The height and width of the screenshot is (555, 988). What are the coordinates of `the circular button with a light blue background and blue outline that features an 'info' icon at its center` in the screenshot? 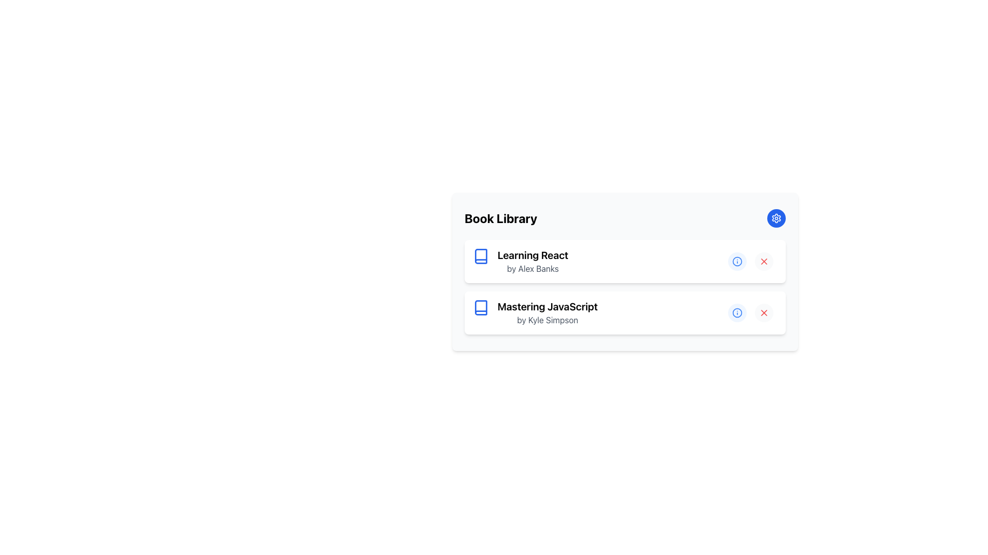 It's located at (737, 261).